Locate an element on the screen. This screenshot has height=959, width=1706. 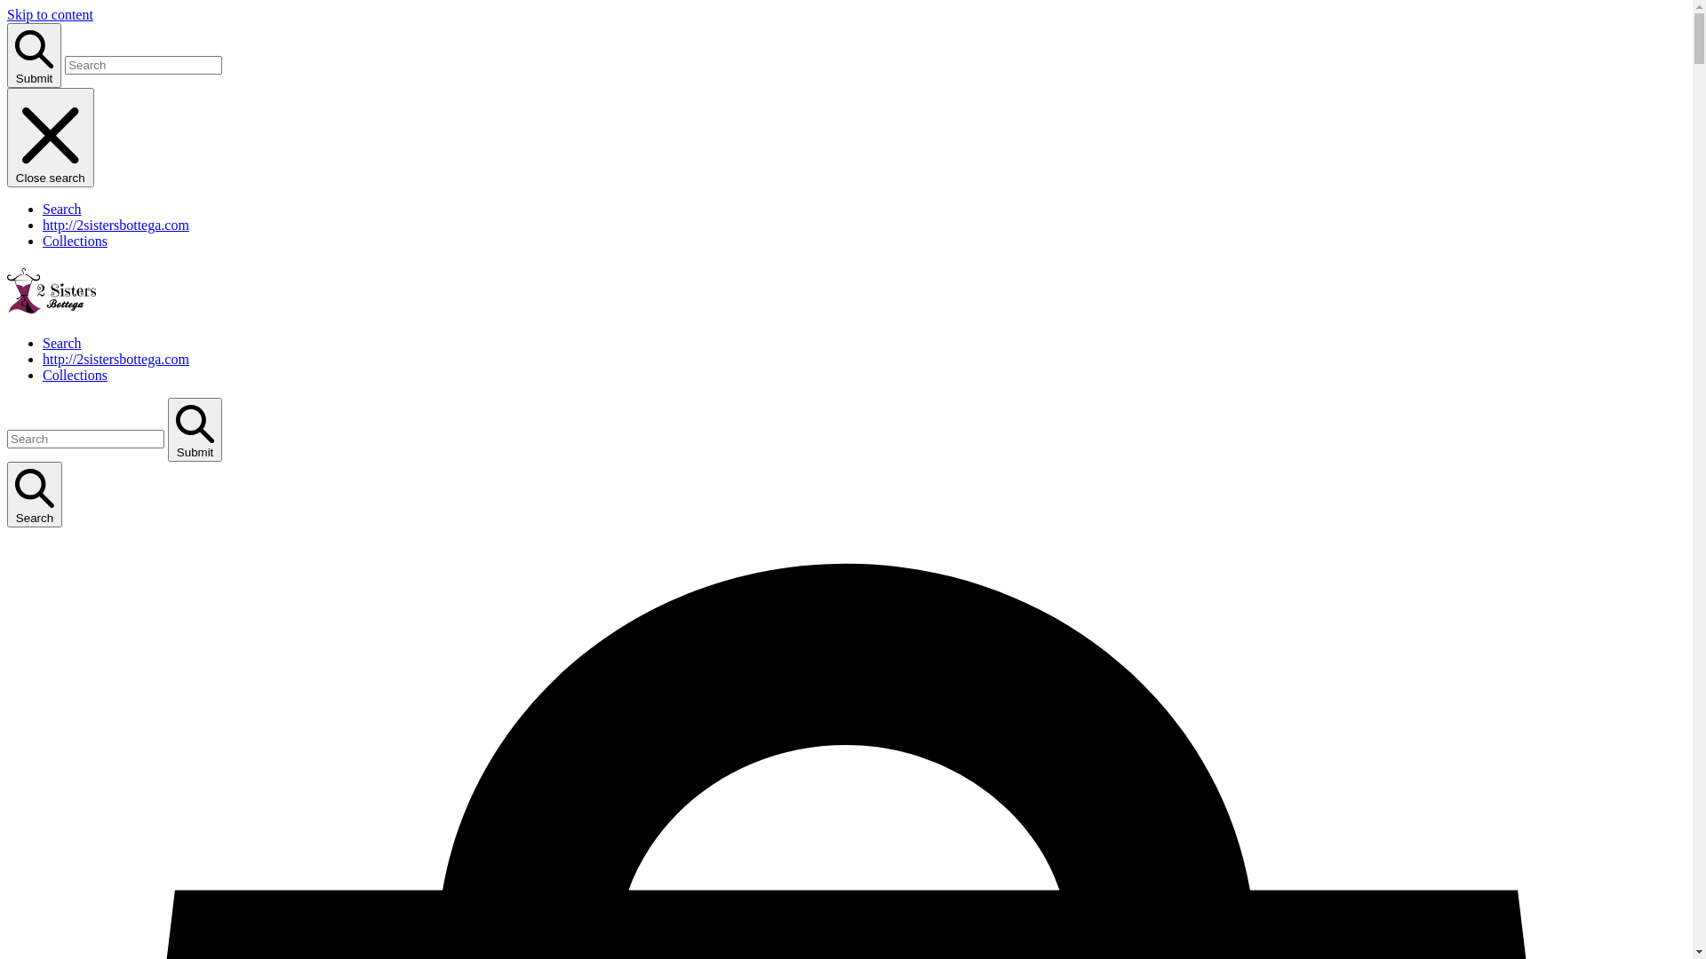
'Search' is located at coordinates (34, 494).